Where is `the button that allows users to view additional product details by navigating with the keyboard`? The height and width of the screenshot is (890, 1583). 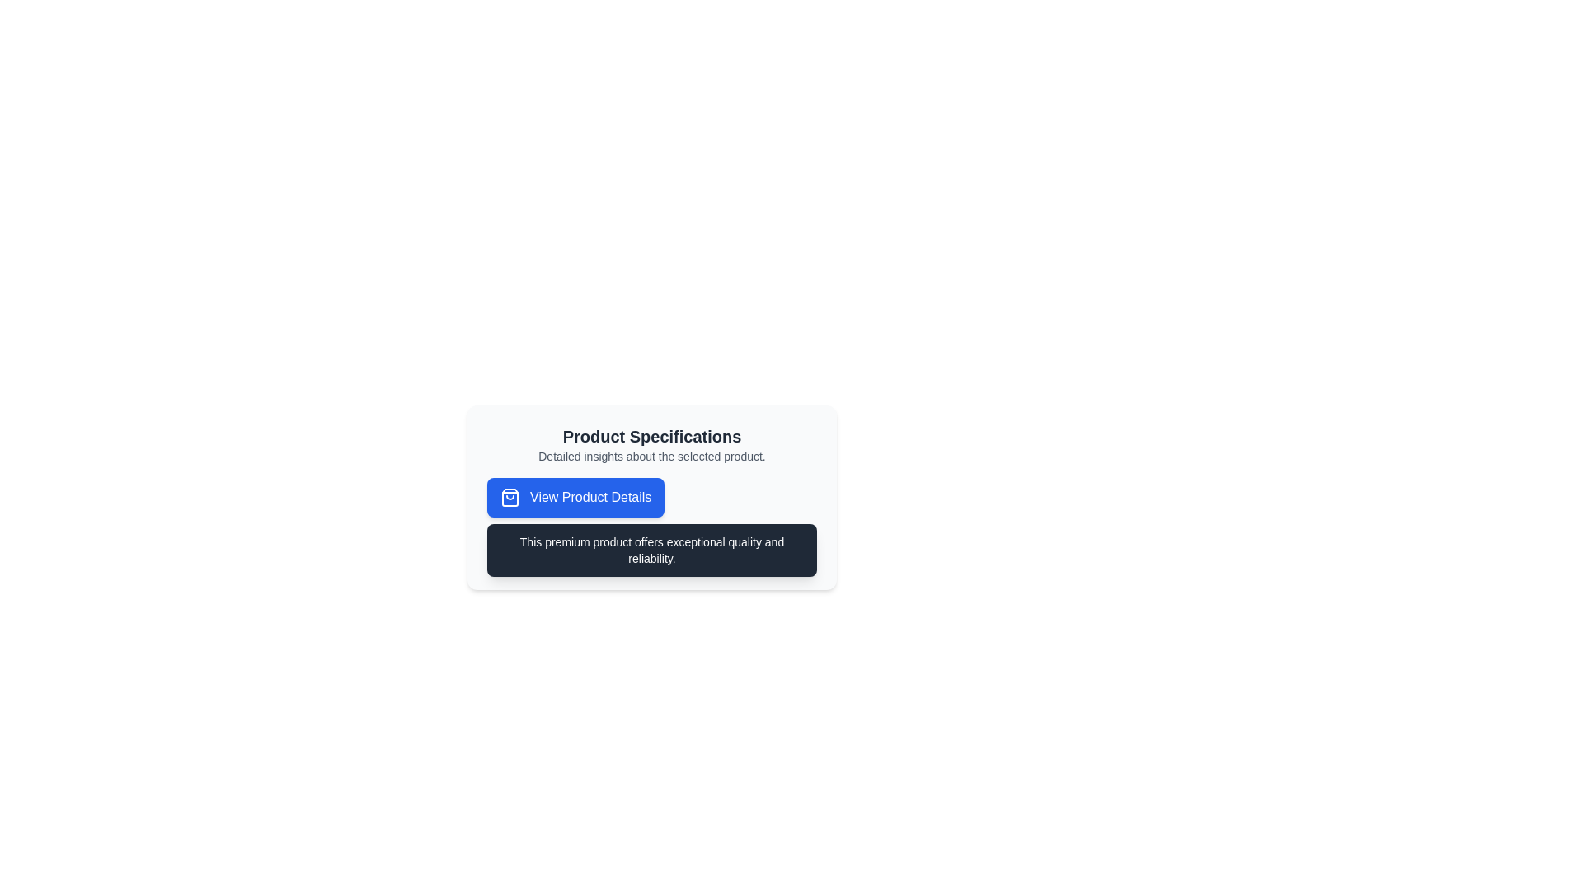
the button that allows users to view additional product details by navigating with the keyboard is located at coordinates (575, 497).